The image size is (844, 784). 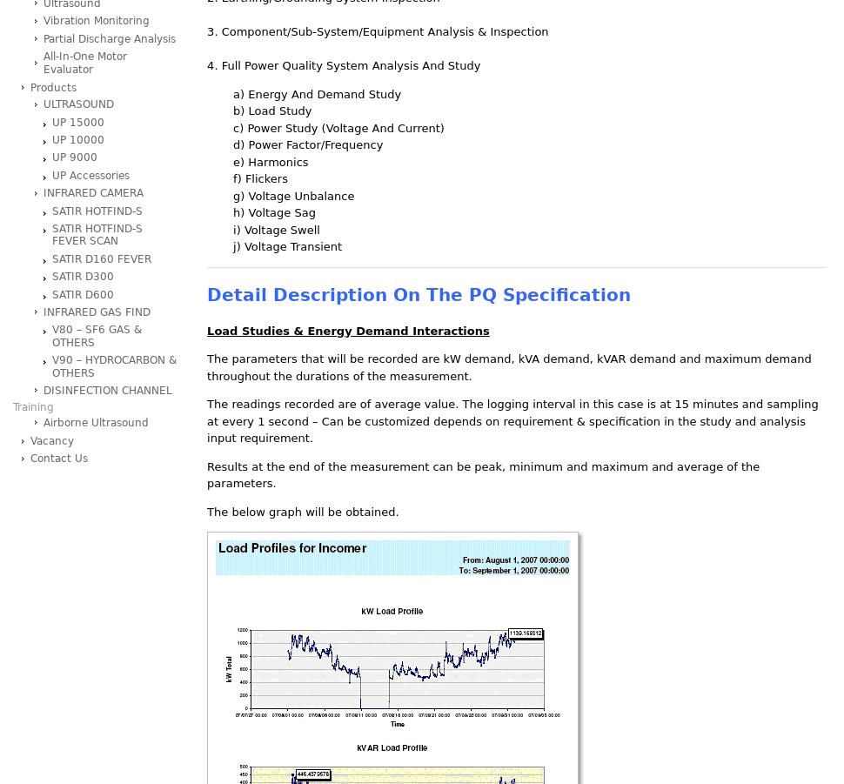 What do you see at coordinates (232, 246) in the screenshot?
I see `'j) Voltage Transient'` at bounding box center [232, 246].